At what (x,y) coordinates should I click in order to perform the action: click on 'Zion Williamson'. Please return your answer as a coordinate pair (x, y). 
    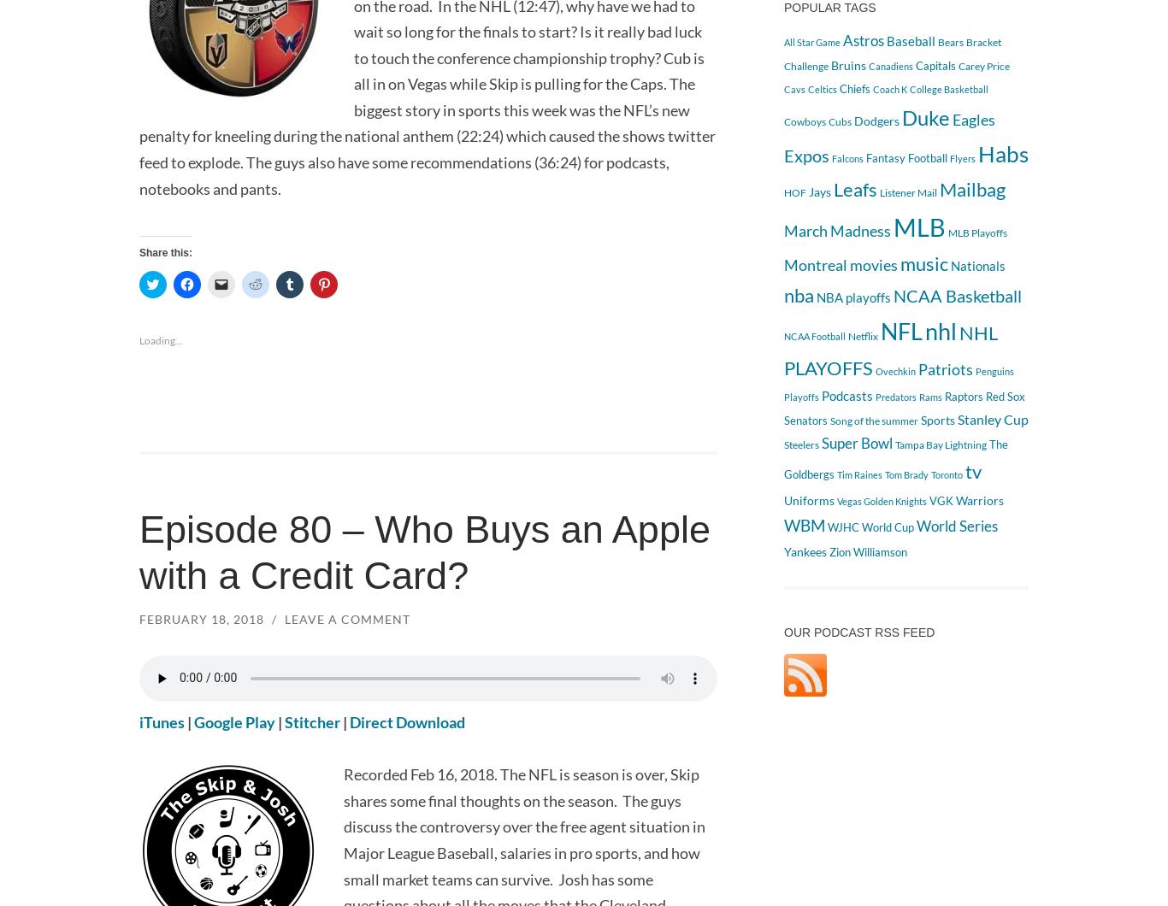
    Looking at the image, I should click on (868, 551).